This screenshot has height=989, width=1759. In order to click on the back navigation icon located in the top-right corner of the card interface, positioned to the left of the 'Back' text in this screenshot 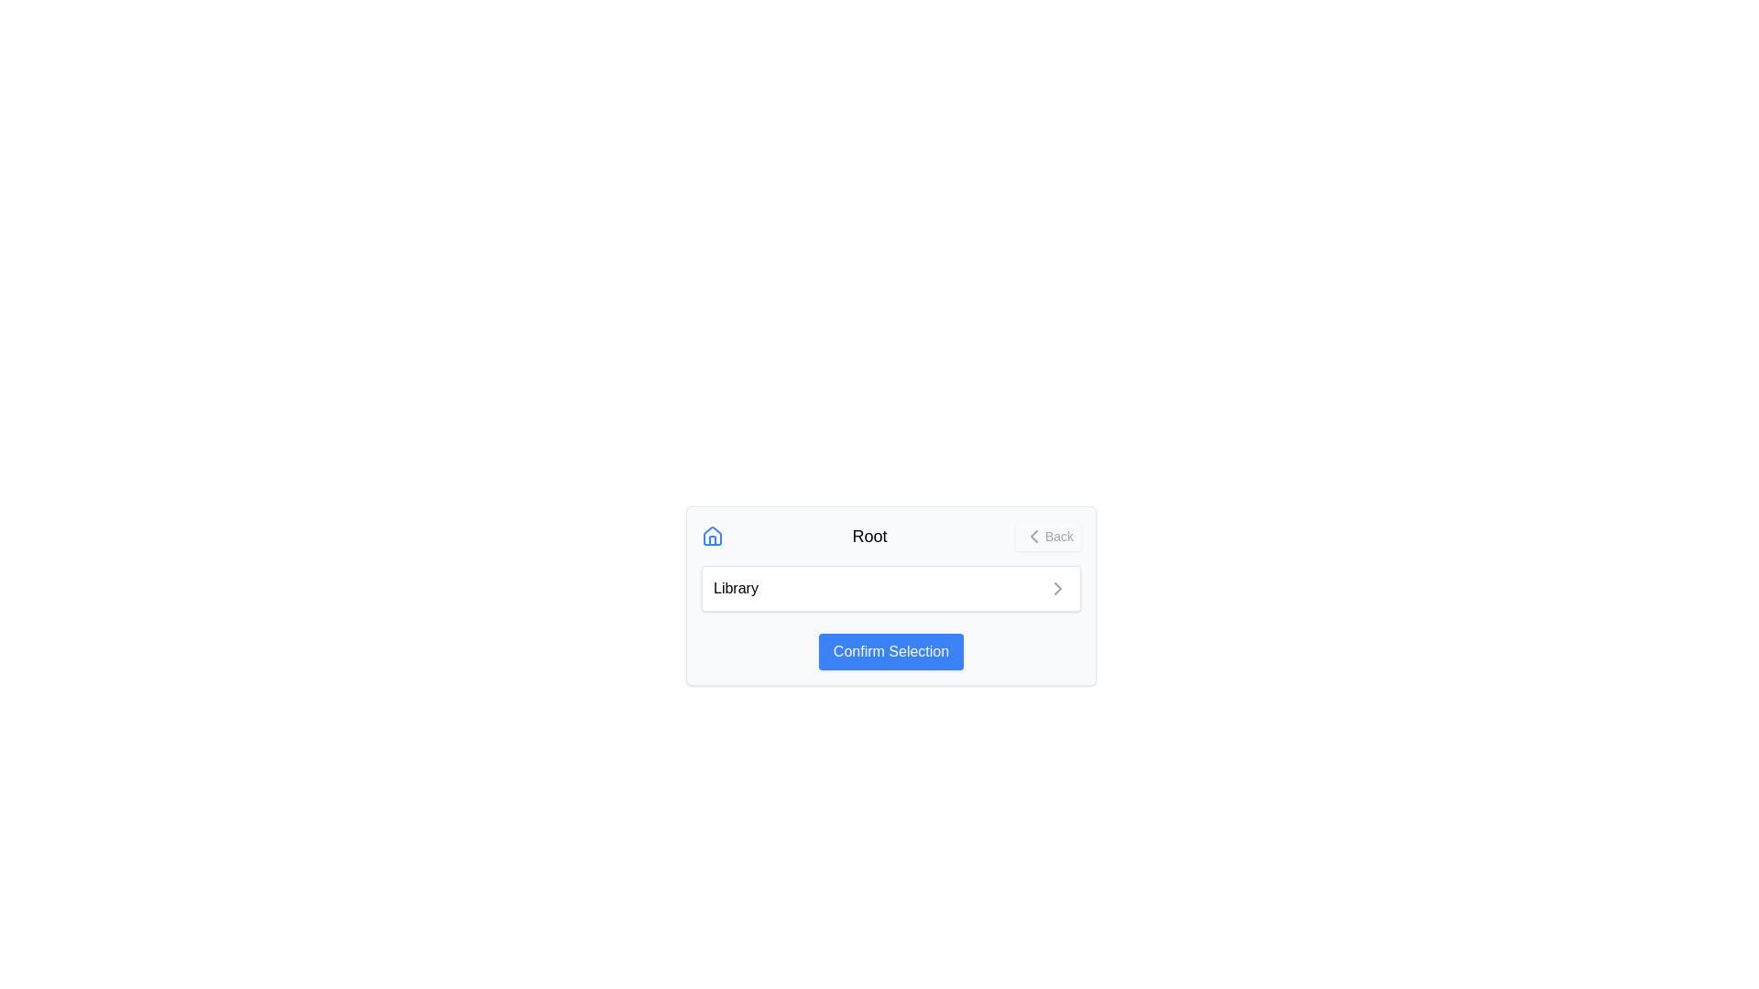, I will do `click(1033, 536)`.